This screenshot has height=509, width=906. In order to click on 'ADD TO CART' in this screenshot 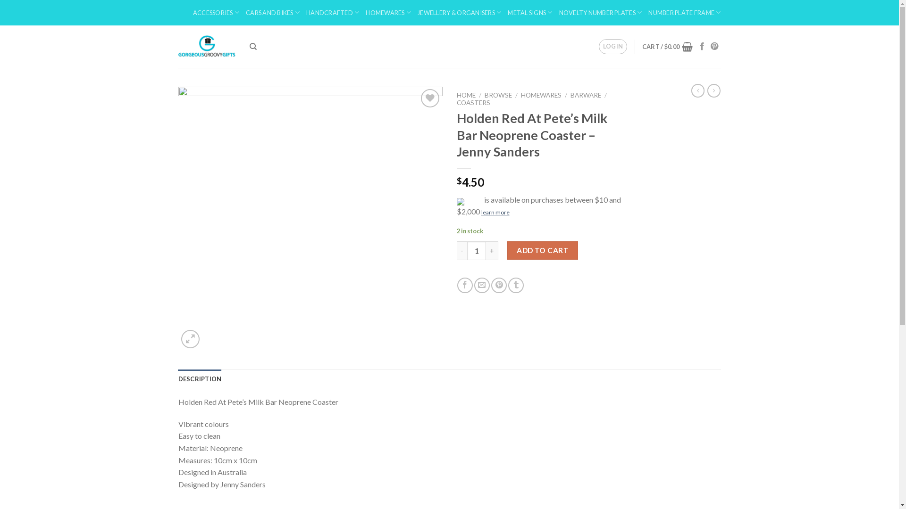, I will do `click(542, 250)`.